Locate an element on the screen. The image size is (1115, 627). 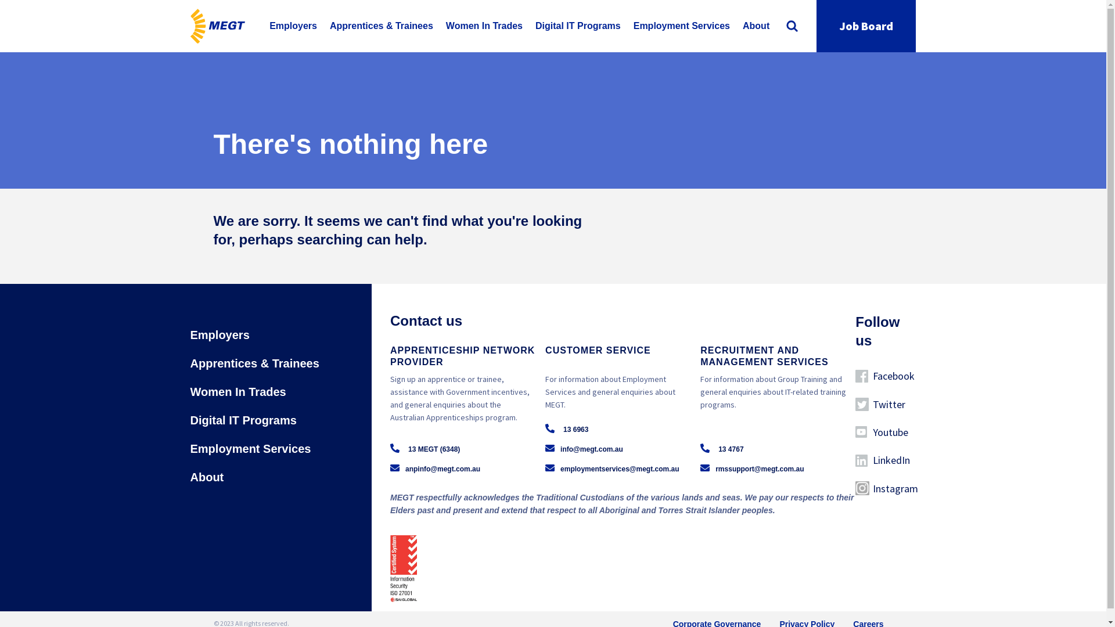
'employmentservices@megt.com.au' is located at coordinates (612, 467).